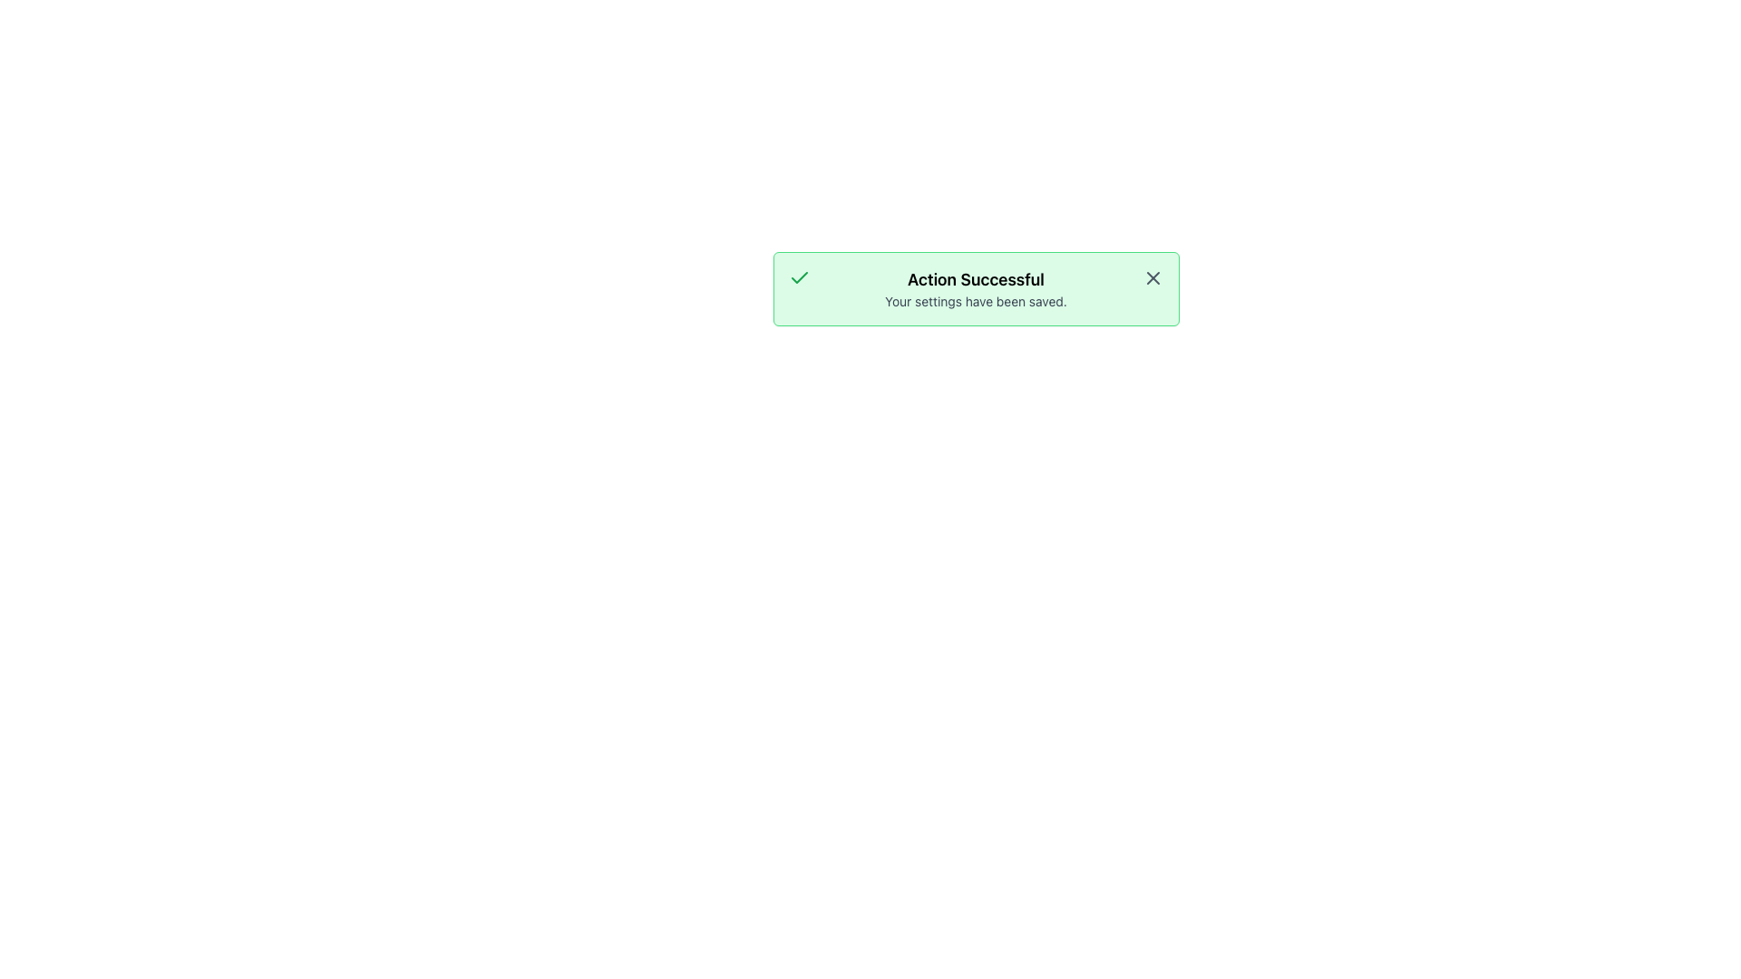 The width and height of the screenshot is (1741, 979). Describe the element at coordinates (798, 277) in the screenshot. I see `the green checkmark icon located on the left side of the 'Action Successful' message box in the notification banner` at that location.